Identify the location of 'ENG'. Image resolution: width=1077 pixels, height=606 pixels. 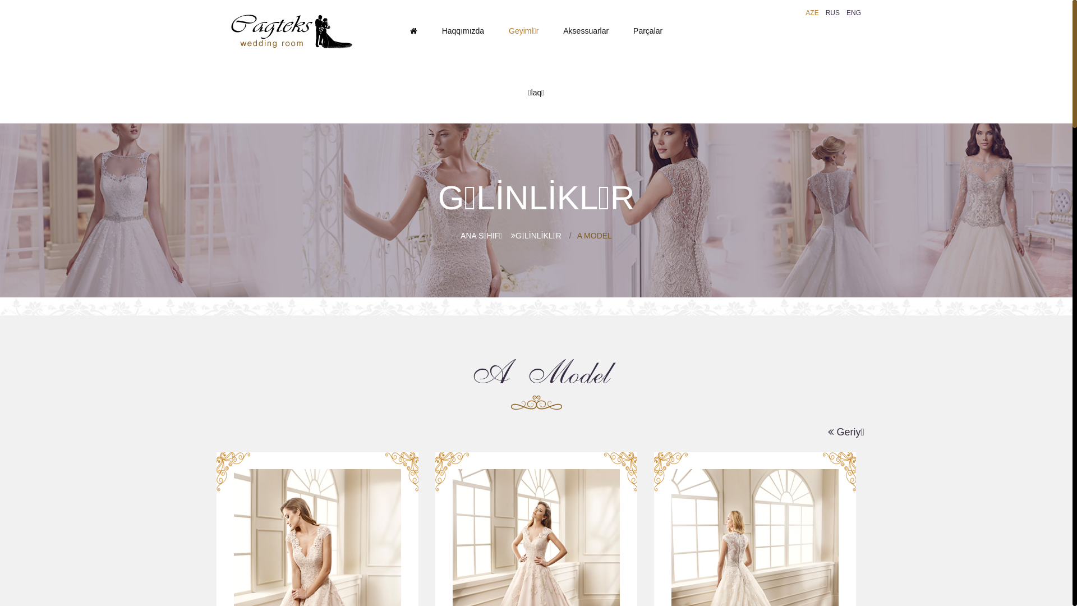
(843, 13).